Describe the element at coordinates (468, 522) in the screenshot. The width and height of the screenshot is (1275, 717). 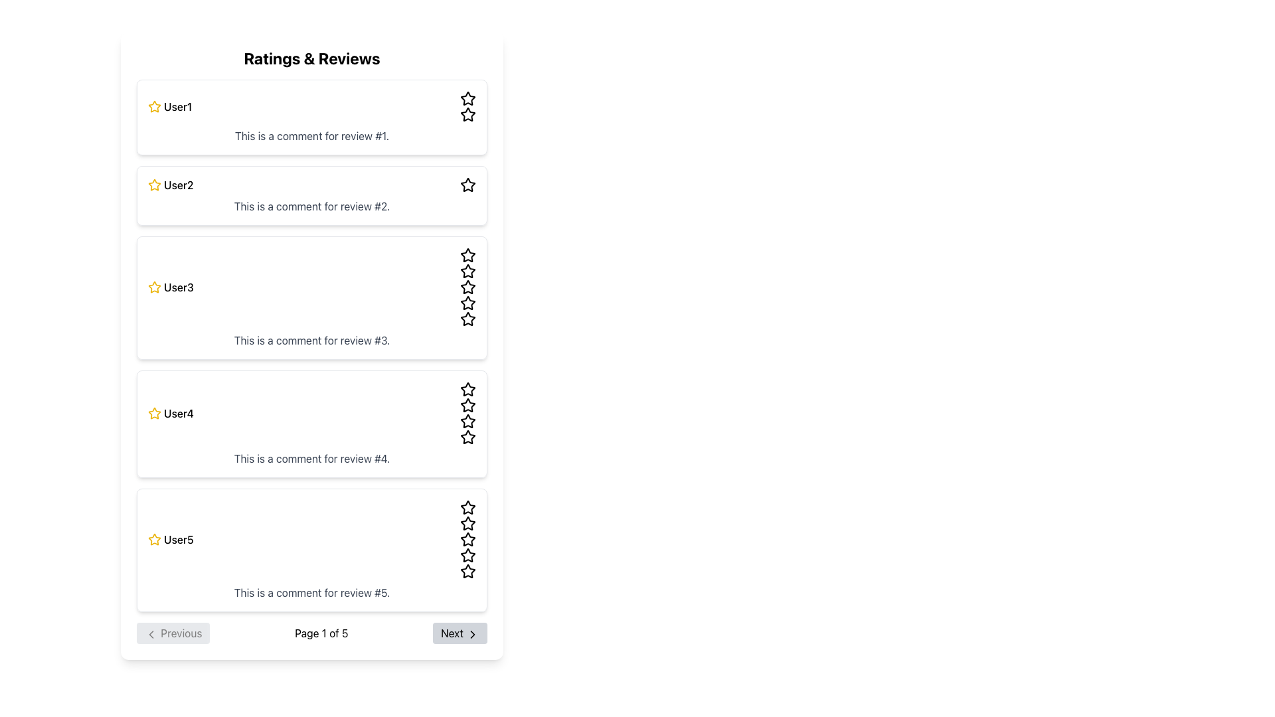
I see `the second rating star icon associated with User5's review` at that location.